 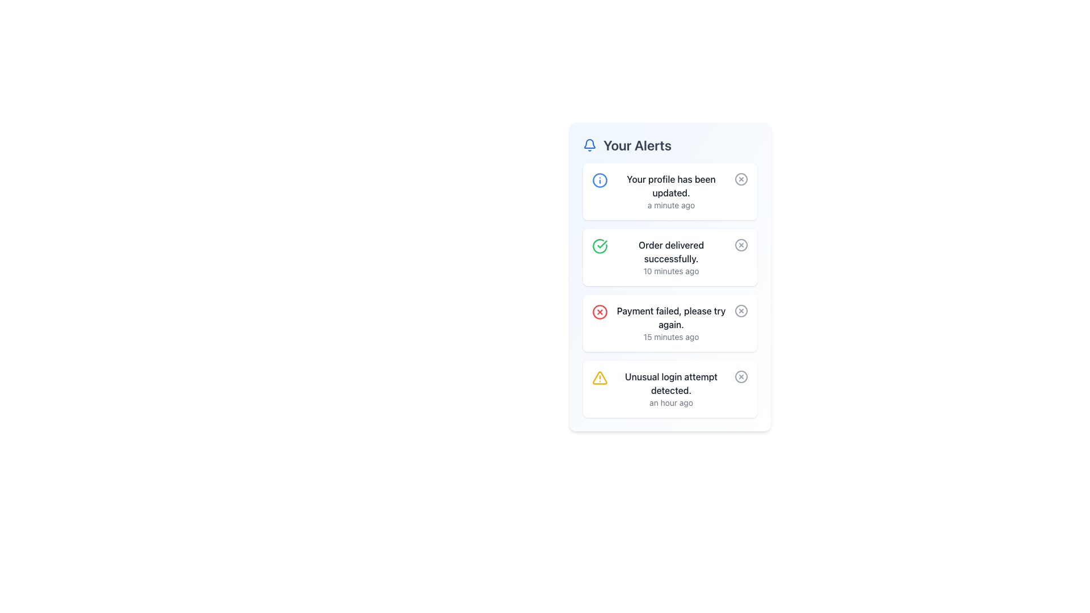 I want to click on notification text that states 'Unusual login attempt detected.' which is the last item in the vertically-aligned list within the 'Your Alerts' card, so click(x=671, y=389).